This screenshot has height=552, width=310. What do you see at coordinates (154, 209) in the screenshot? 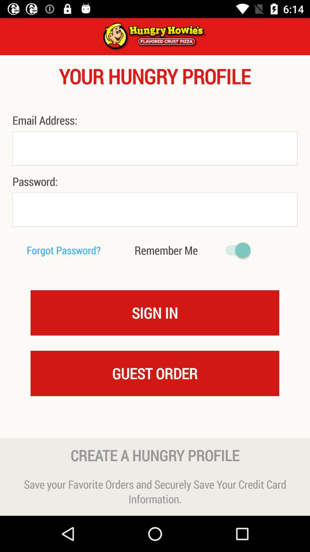
I see `your password` at bounding box center [154, 209].